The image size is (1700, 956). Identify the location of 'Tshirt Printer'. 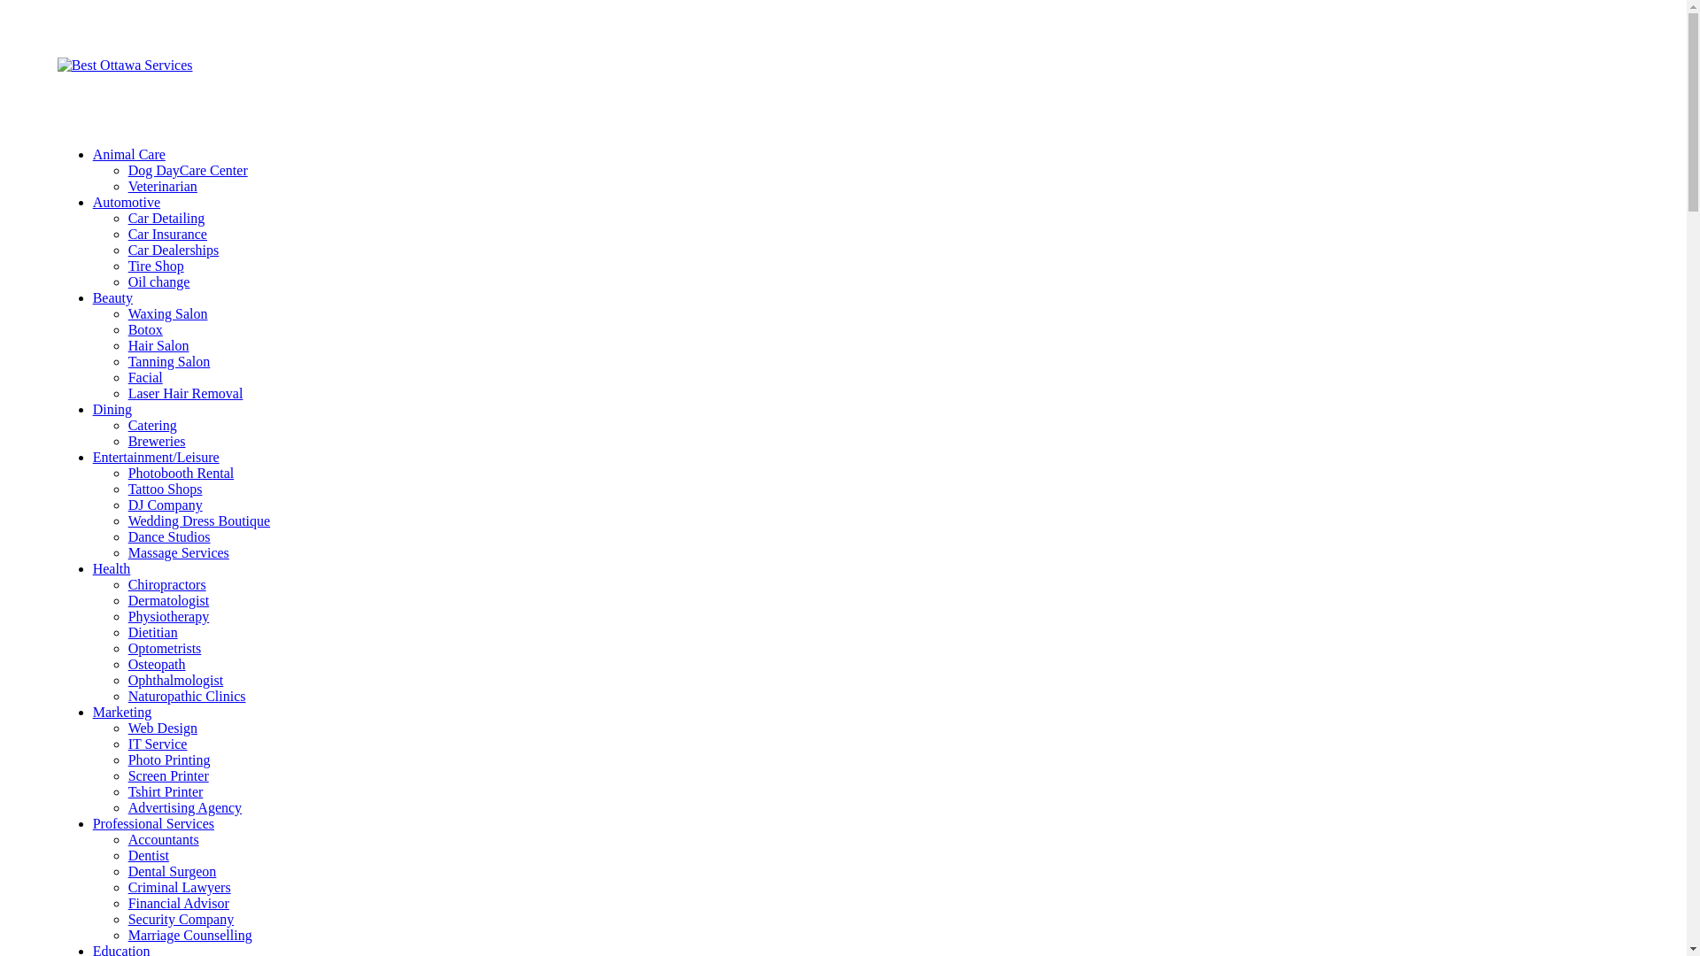
(166, 790).